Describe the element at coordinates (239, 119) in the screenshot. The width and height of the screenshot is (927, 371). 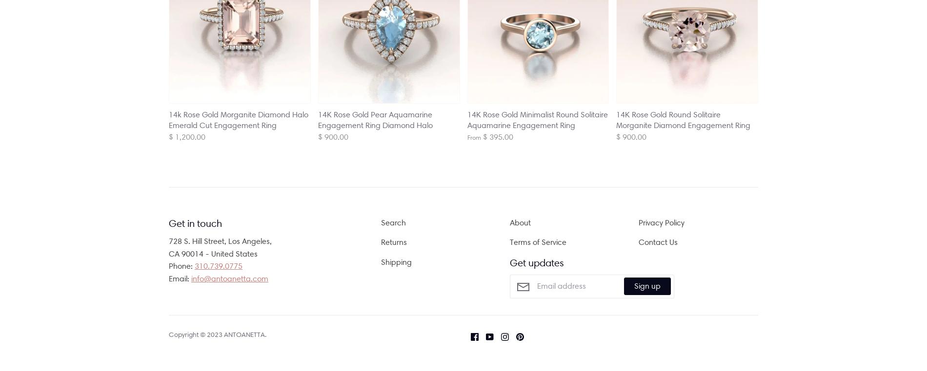
I see `'14k Rose Gold Morganite Diamond Halo Emerald Cut Engagement Ring'` at that location.